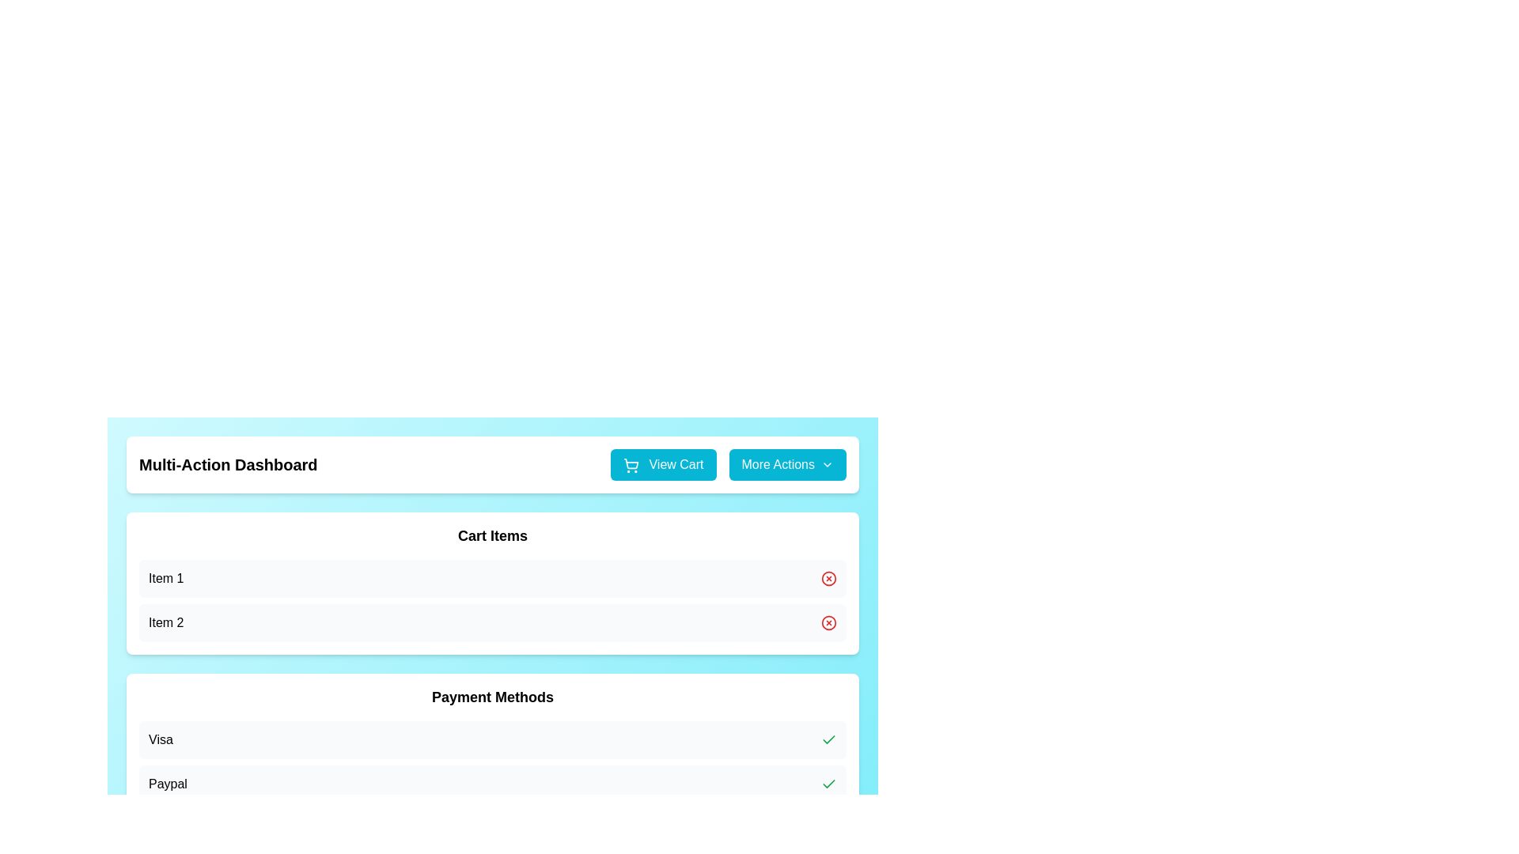 The height and width of the screenshot is (854, 1519). Describe the element at coordinates (827, 463) in the screenshot. I see `the chevron icon located at the right side of the 'More Actions' button` at that location.